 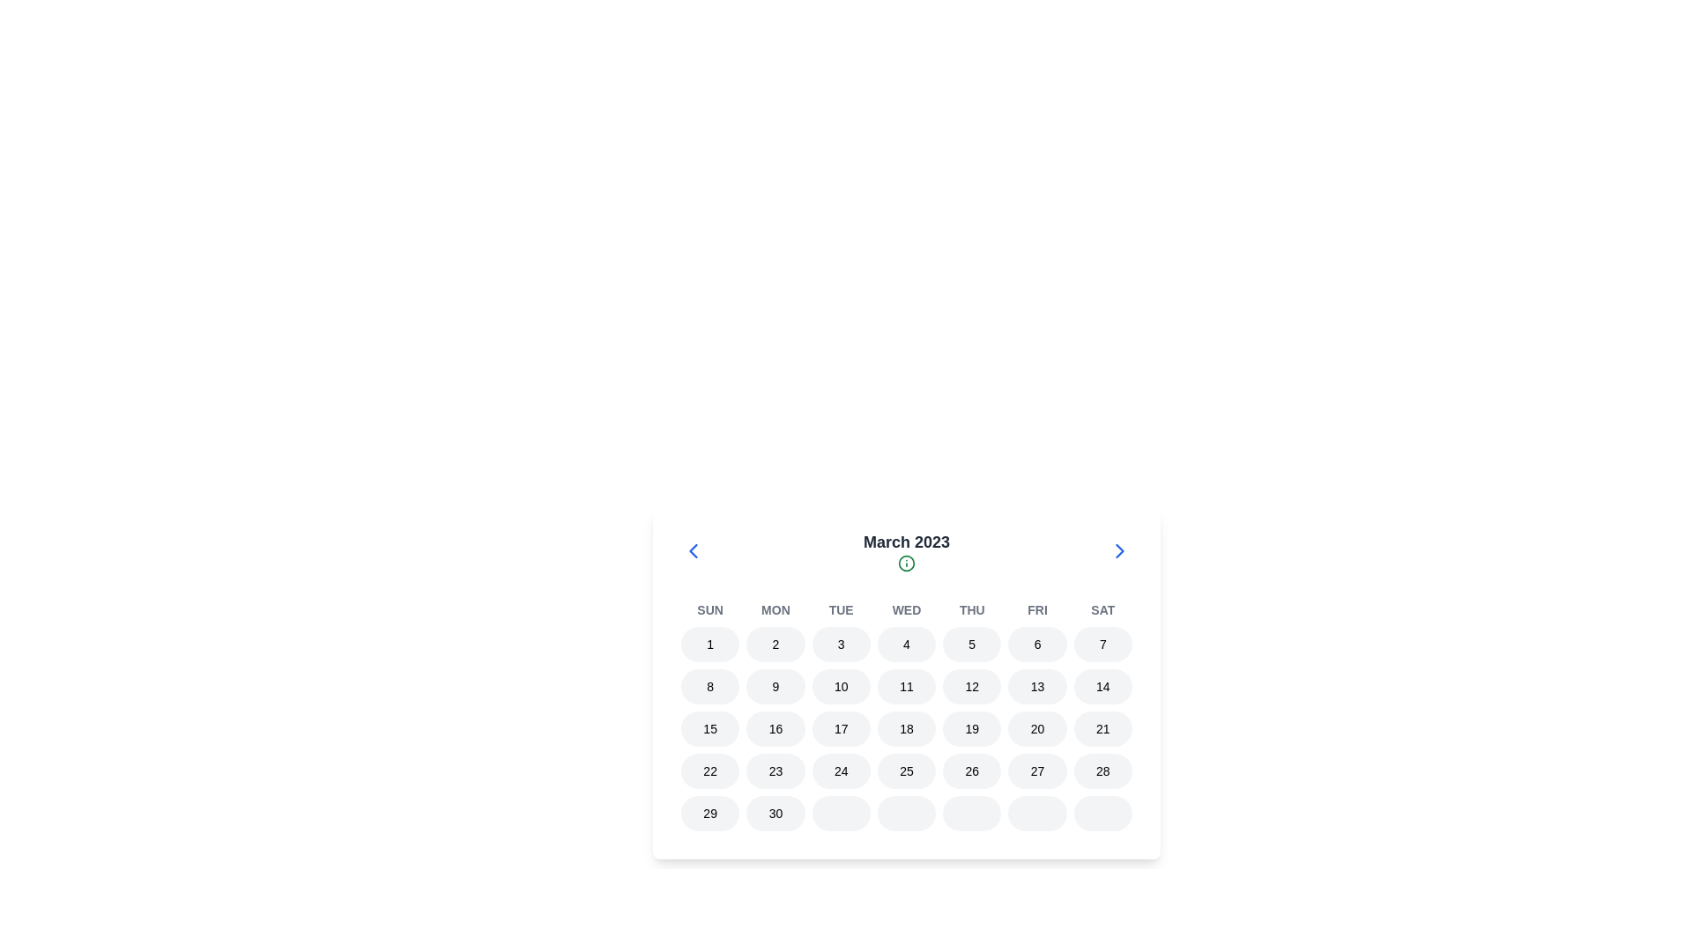 What do you see at coordinates (906, 685) in the screenshot?
I see `the circular calendar day button displaying '11'` at bounding box center [906, 685].